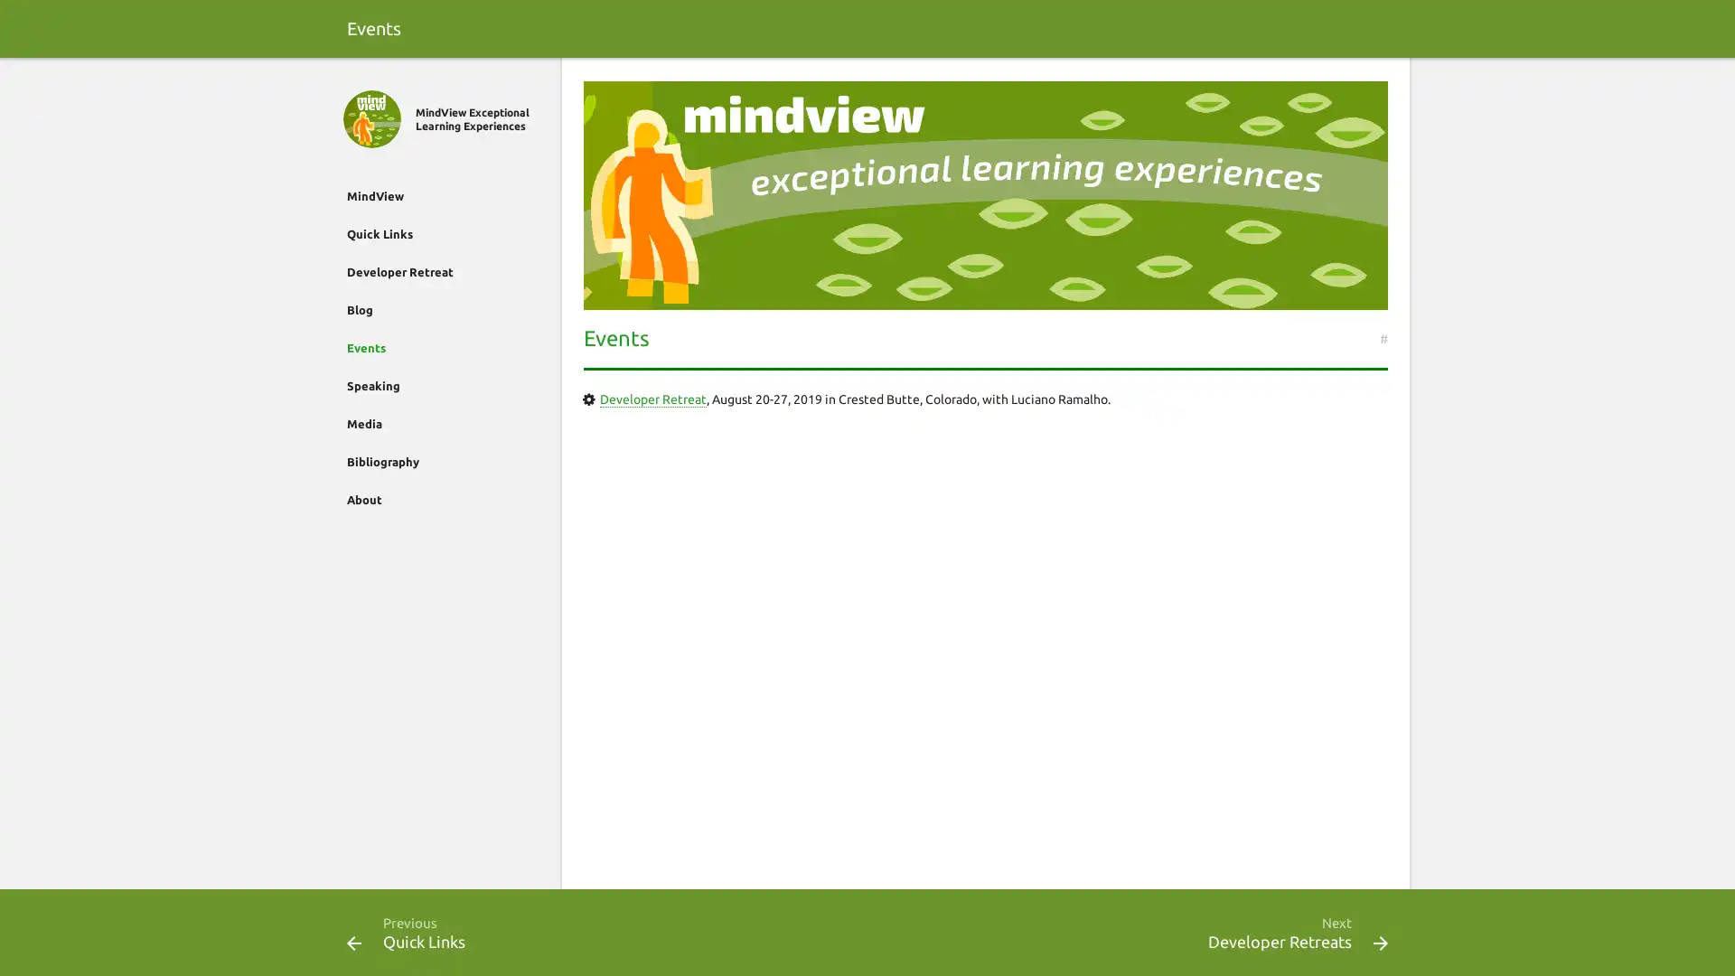 The height and width of the screenshot is (976, 1735). What do you see at coordinates (1379, 943) in the screenshot?
I see `Next` at bounding box center [1379, 943].